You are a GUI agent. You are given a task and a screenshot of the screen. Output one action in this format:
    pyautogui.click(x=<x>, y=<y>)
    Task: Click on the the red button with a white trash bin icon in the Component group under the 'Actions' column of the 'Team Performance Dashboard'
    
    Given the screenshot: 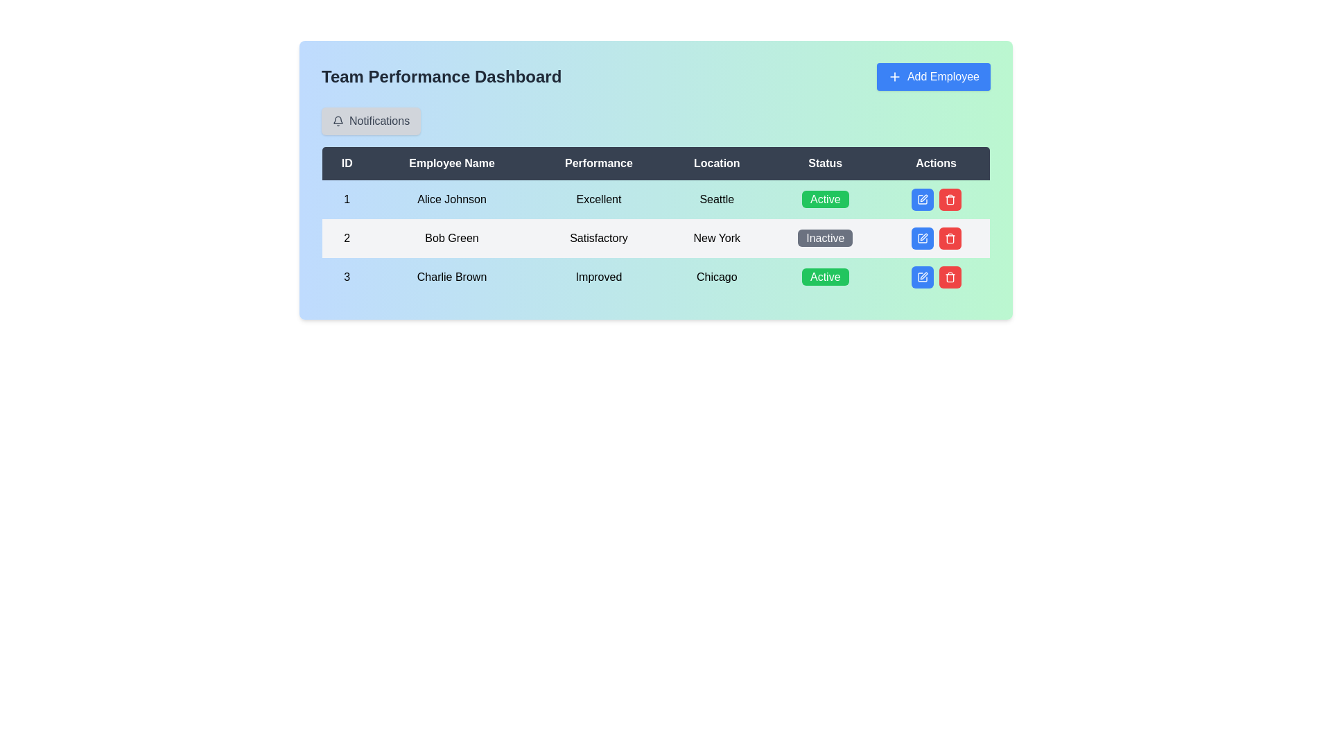 What is the action you would take?
    pyautogui.click(x=936, y=277)
    